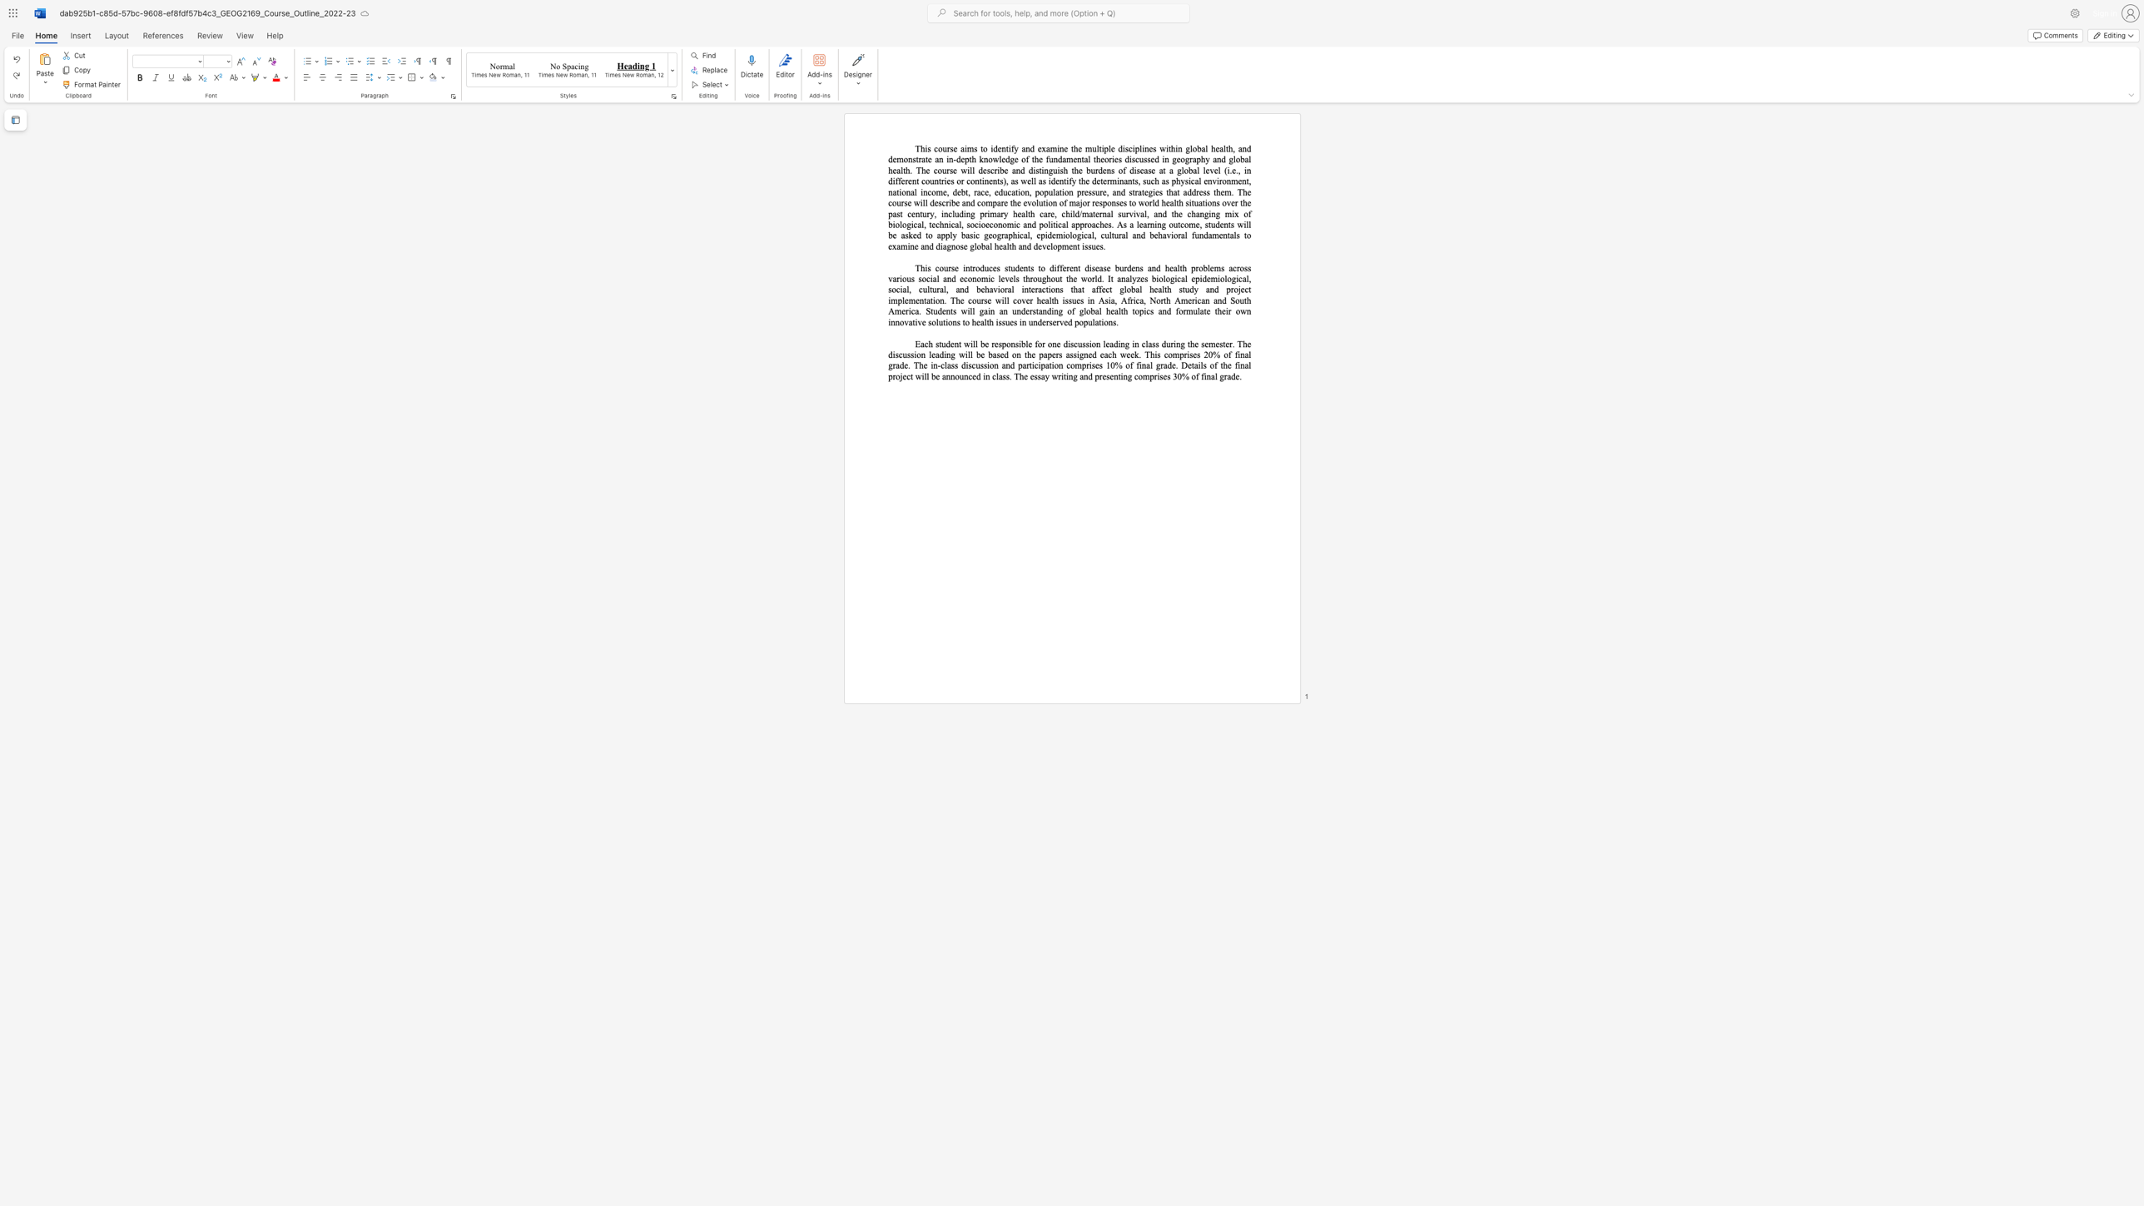 This screenshot has width=2144, height=1206. Describe the element at coordinates (993, 289) in the screenshot. I see `the subset text "vioral interactions that affect global health study and project implementation. The course will cover health issues in Asia, Africa, North American and South America. Students will gain an u" within the text "This course introduces students to different disease burdens and health problems across various social and economic levels throughout the world. It analyzes biological epidemiological, social, cultural, and behavioral interactions that affect global health study and project implementation. The course will cover health issues in Asia, Africa, North American and South America. Students will gain an understanding of global health topics and formulate their own innovative solutions to health issues in underserv"` at that location.